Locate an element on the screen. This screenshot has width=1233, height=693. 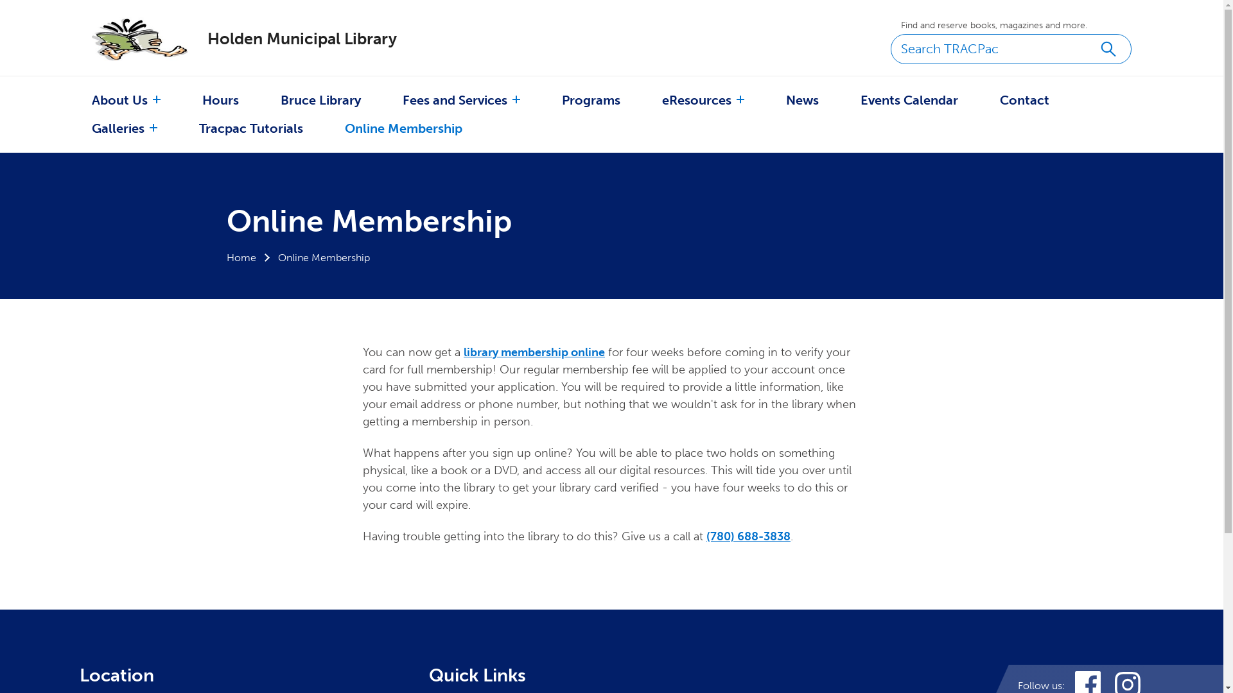
'Events Calendar' is located at coordinates (909, 99).